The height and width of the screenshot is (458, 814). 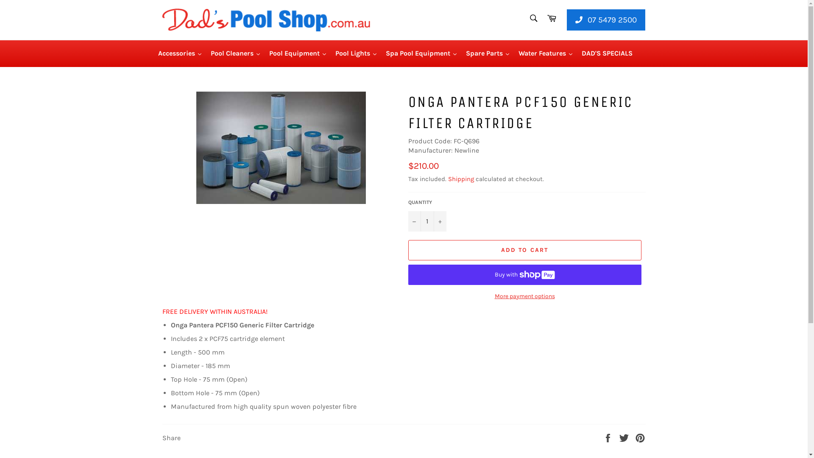 I want to click on 'Cart', so click(x=543, y=19).